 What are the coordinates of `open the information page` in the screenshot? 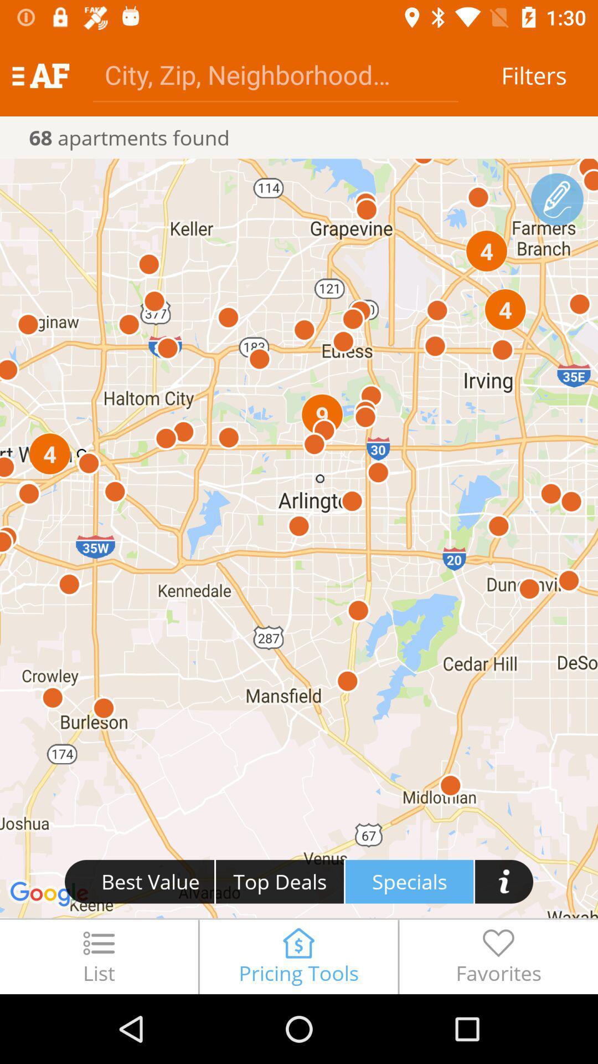 It's located at (504, 881).